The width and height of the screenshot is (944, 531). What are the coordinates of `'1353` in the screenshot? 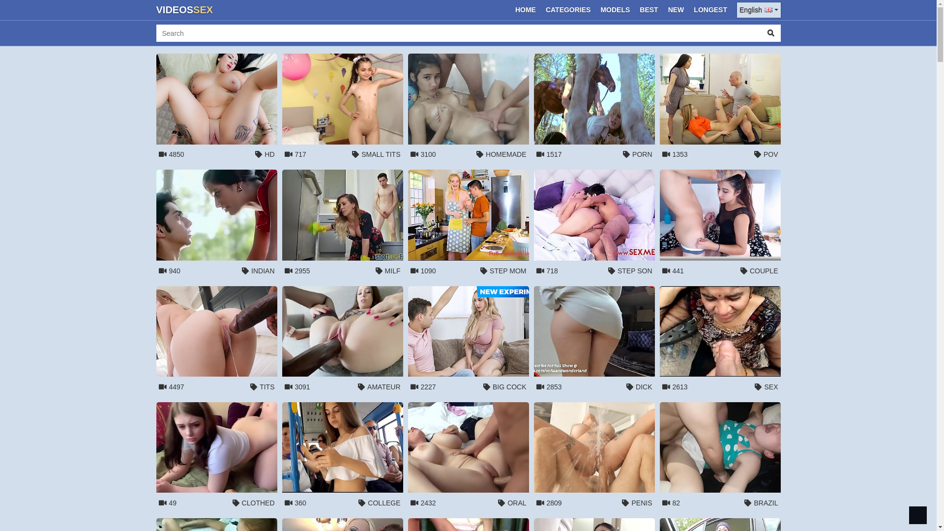 It's located at (720, 109).